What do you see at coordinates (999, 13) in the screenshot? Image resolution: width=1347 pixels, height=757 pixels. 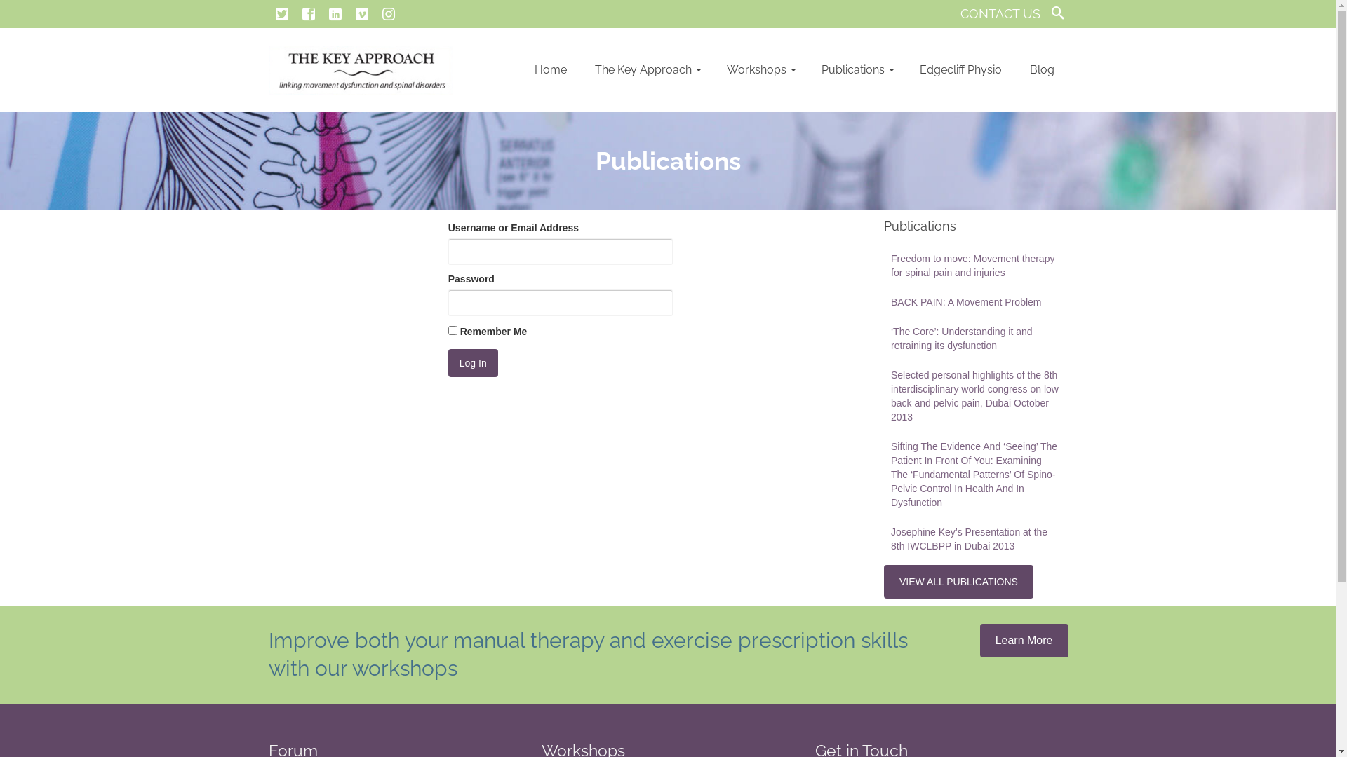 I see `'CONTACT US'` at bounding box center [999, 13].